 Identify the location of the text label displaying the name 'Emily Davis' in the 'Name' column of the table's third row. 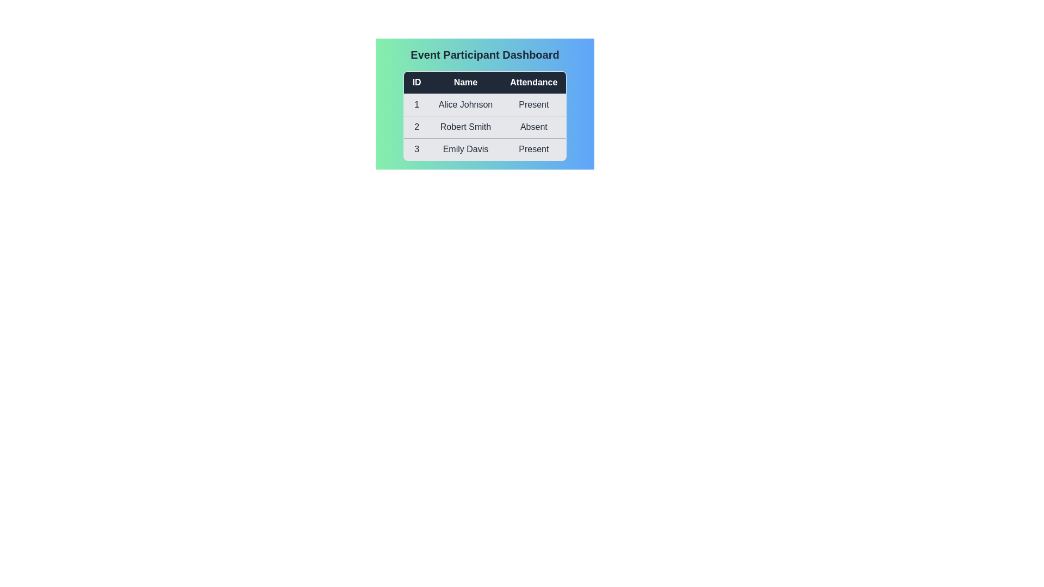
(465, 149).